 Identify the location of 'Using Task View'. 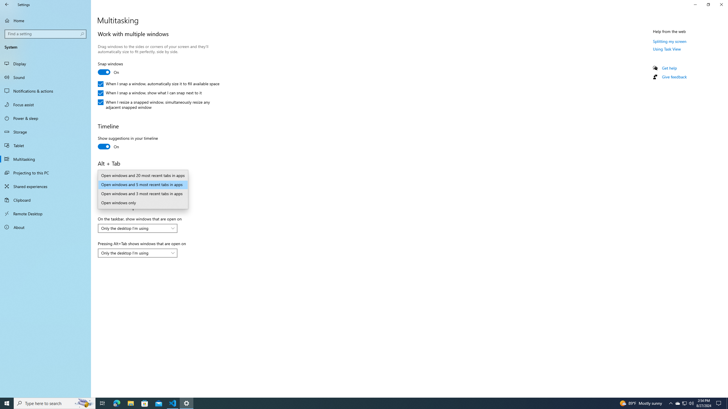
(667, 49).